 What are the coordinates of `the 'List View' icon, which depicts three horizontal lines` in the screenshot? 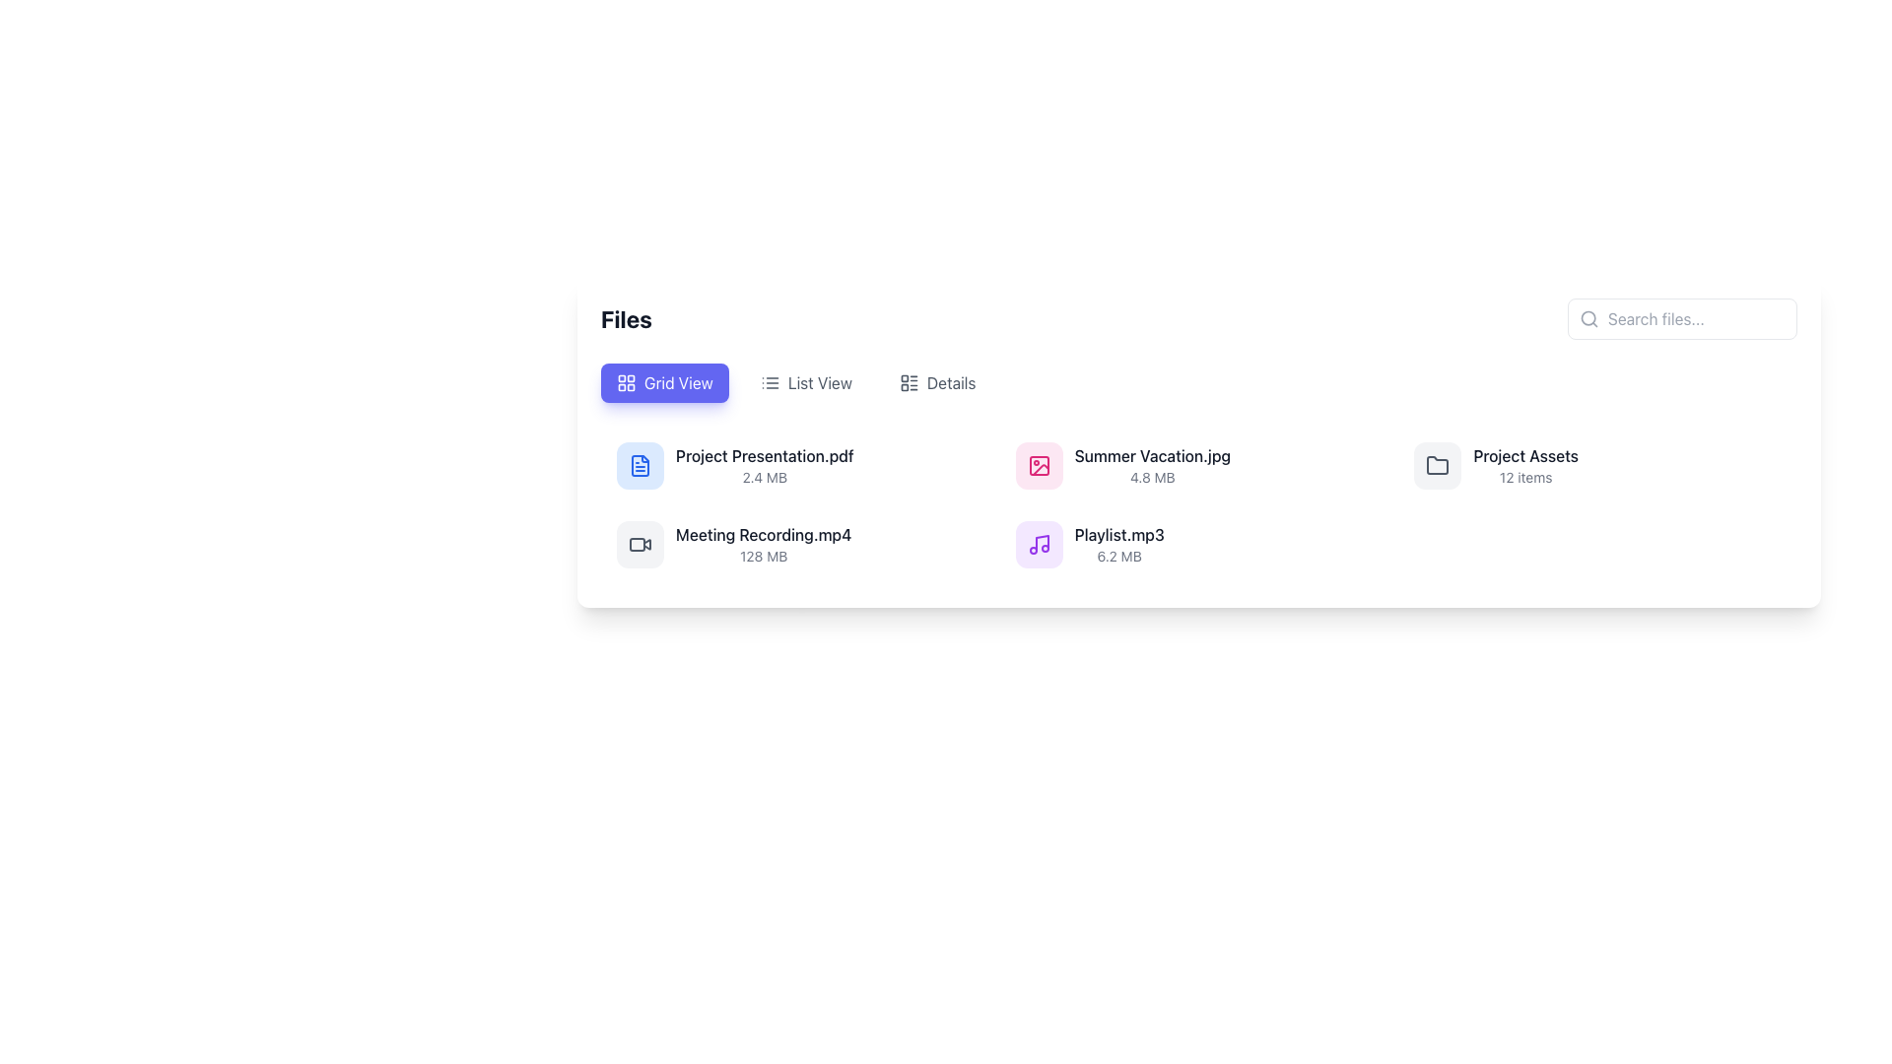 It's located at (769, 383).